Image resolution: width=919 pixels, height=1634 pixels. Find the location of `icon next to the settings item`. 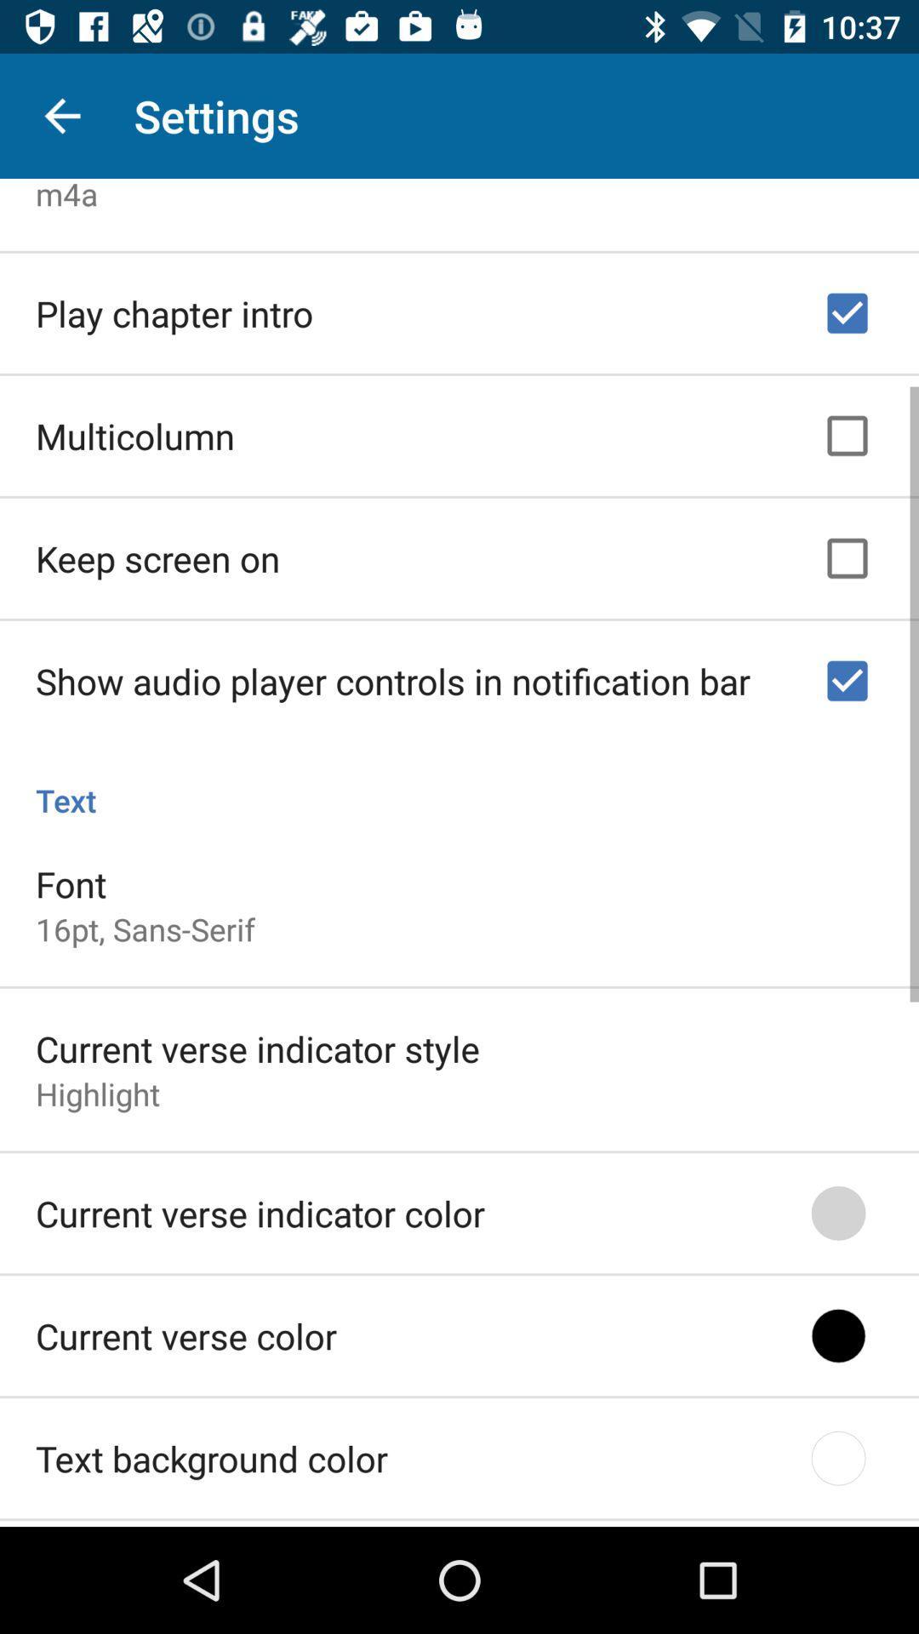

icon next to the settings item is located at coordinates (61, 115).